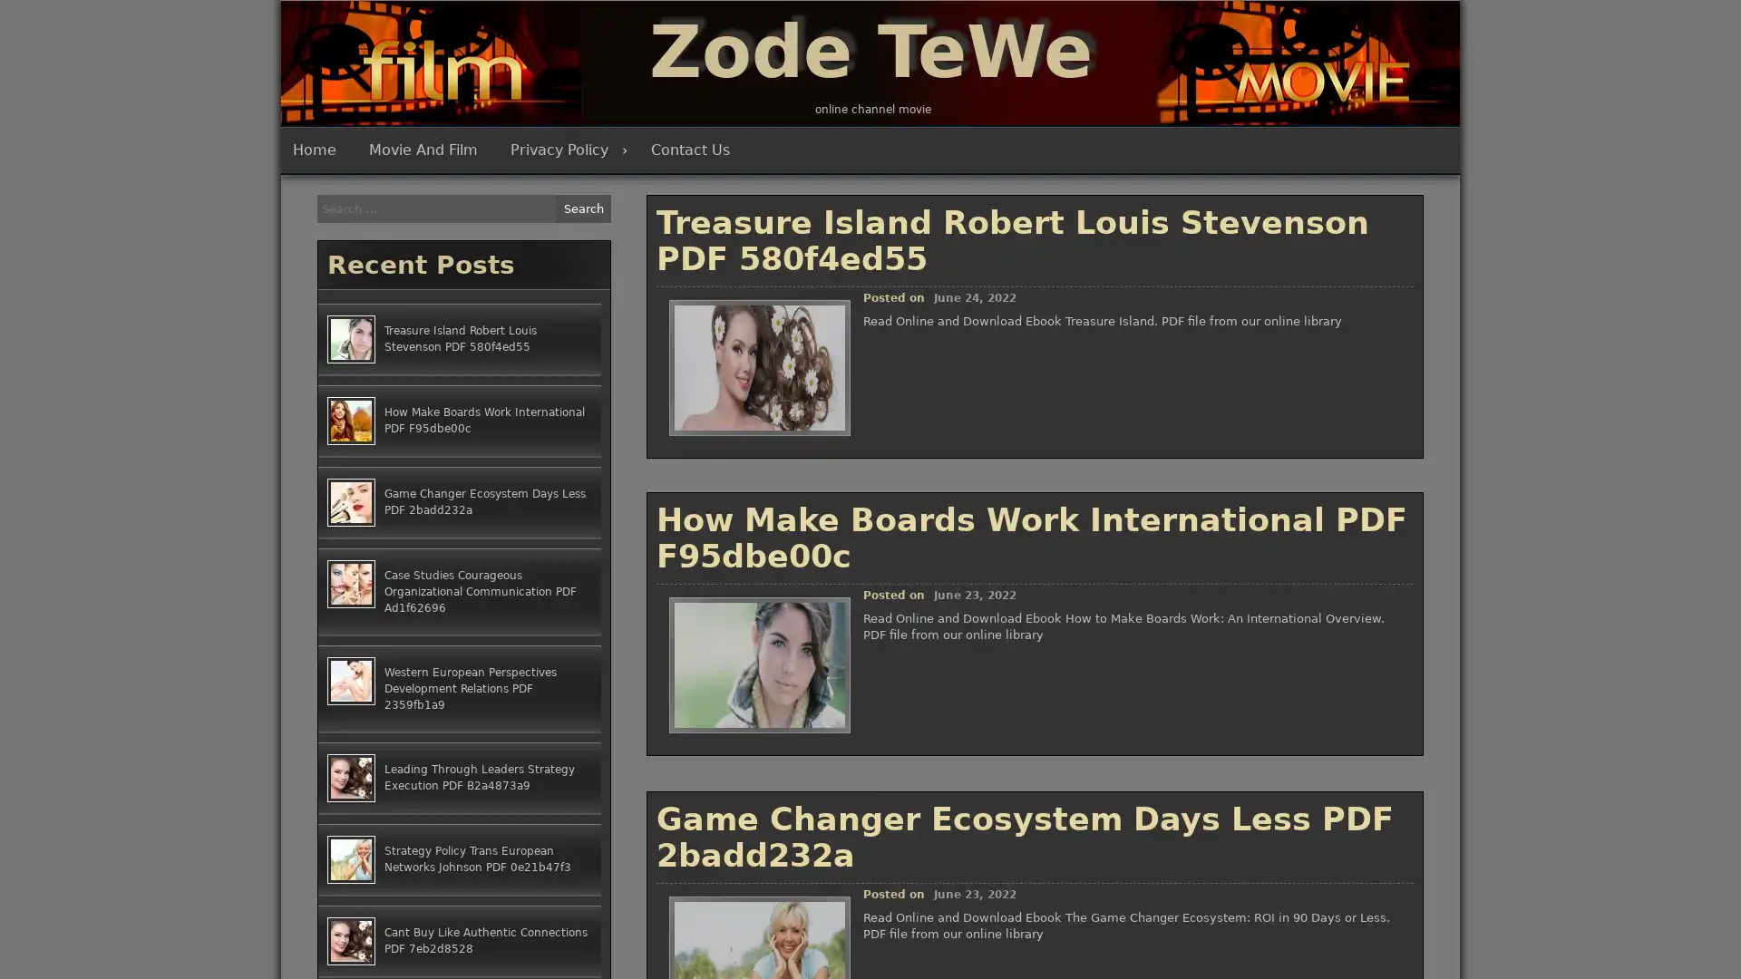 The image size is (1741, 979). Describe the element at coordinates (583, 208) in the screenshot. I see `Search` at that location.